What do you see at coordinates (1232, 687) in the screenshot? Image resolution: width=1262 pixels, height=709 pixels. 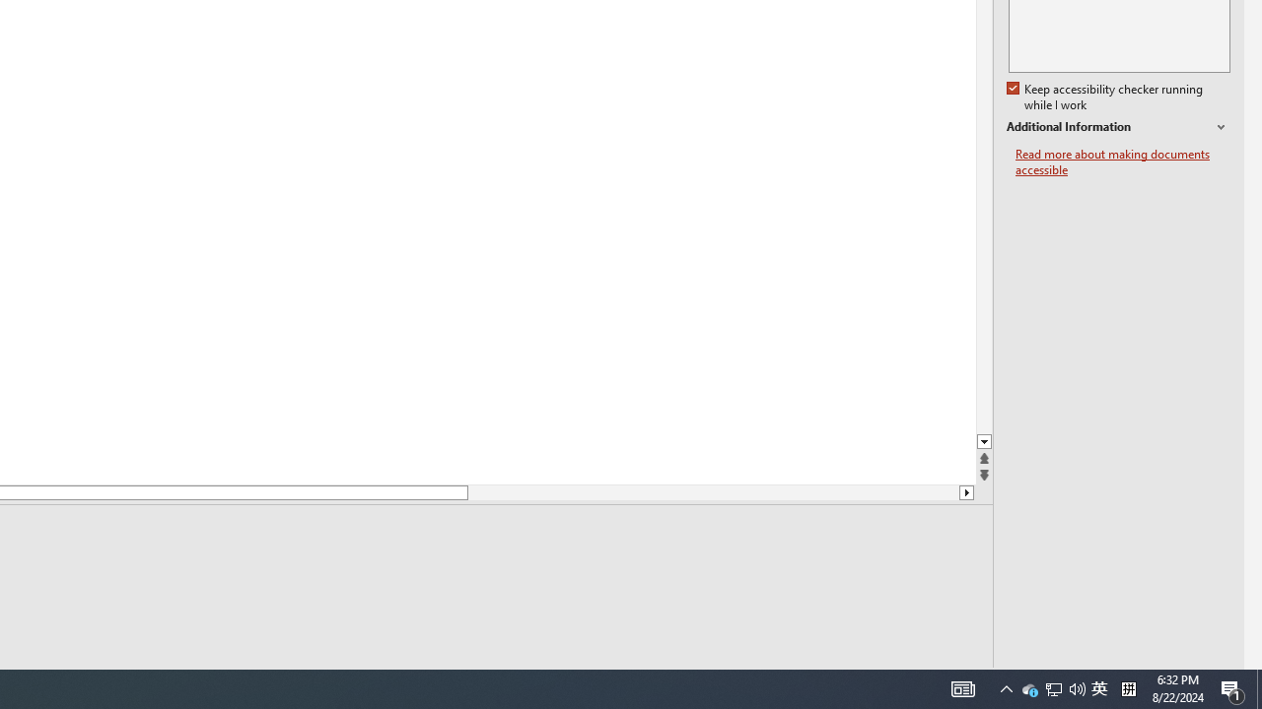 I see `'Action Center, 1 new notification'` at bounding box center [1232, 687].